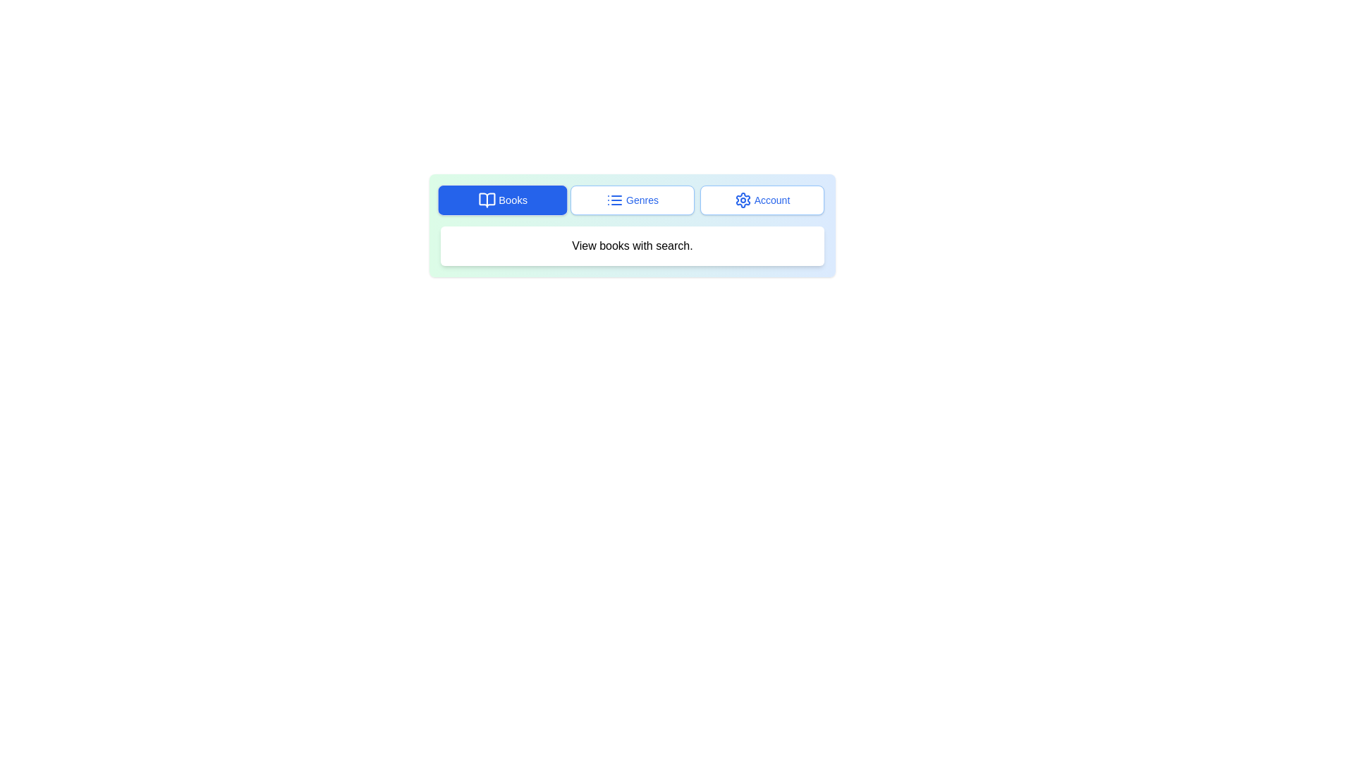 The width and height of the screenshot is (1354, 762). Describe the element at coordinates (742, 200) in the screenshot. I see `the cogwheel part of the settings icon` at that location.